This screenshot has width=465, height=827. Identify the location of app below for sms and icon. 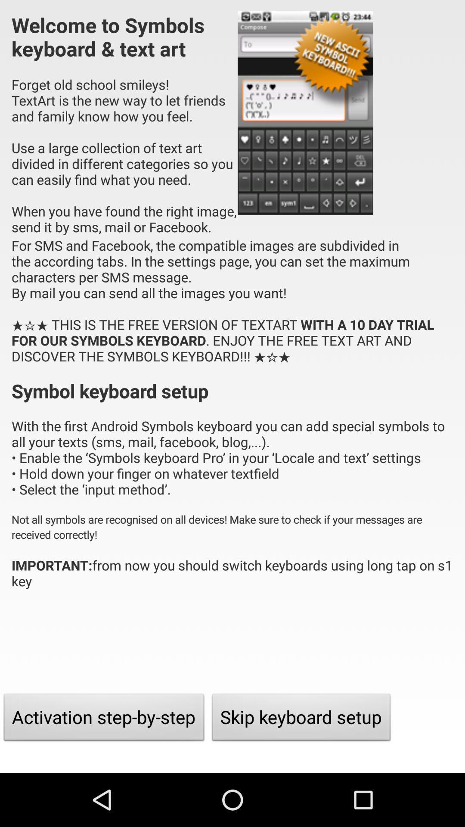
(103, 719).